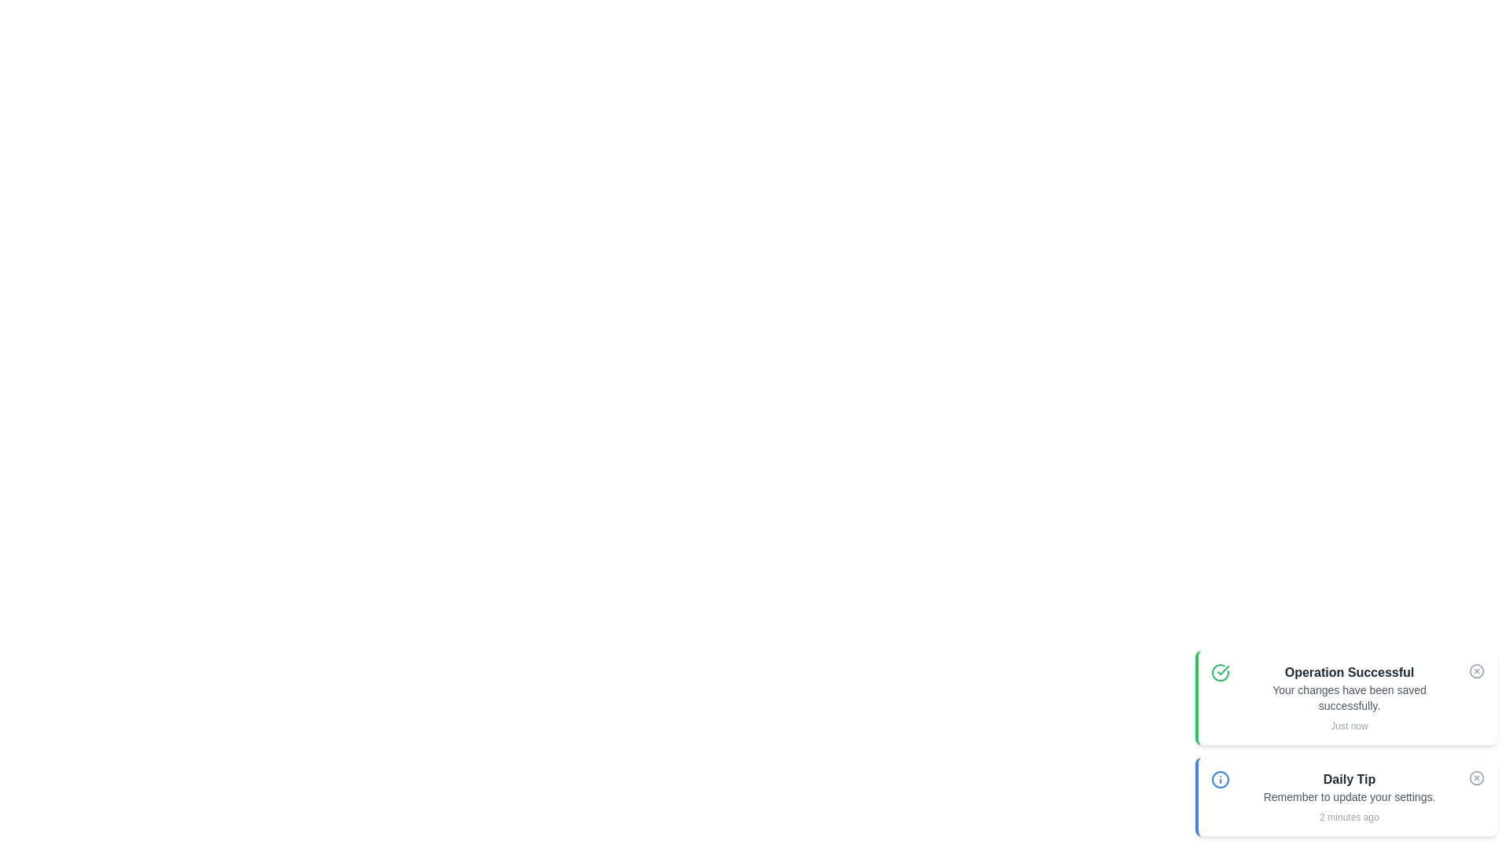 This screenshot has width=1510, height=849. I want to click on the dismiss button located at the top-right corner of the notification box that contains the text 'Operation Successful', so click(1475, 671).